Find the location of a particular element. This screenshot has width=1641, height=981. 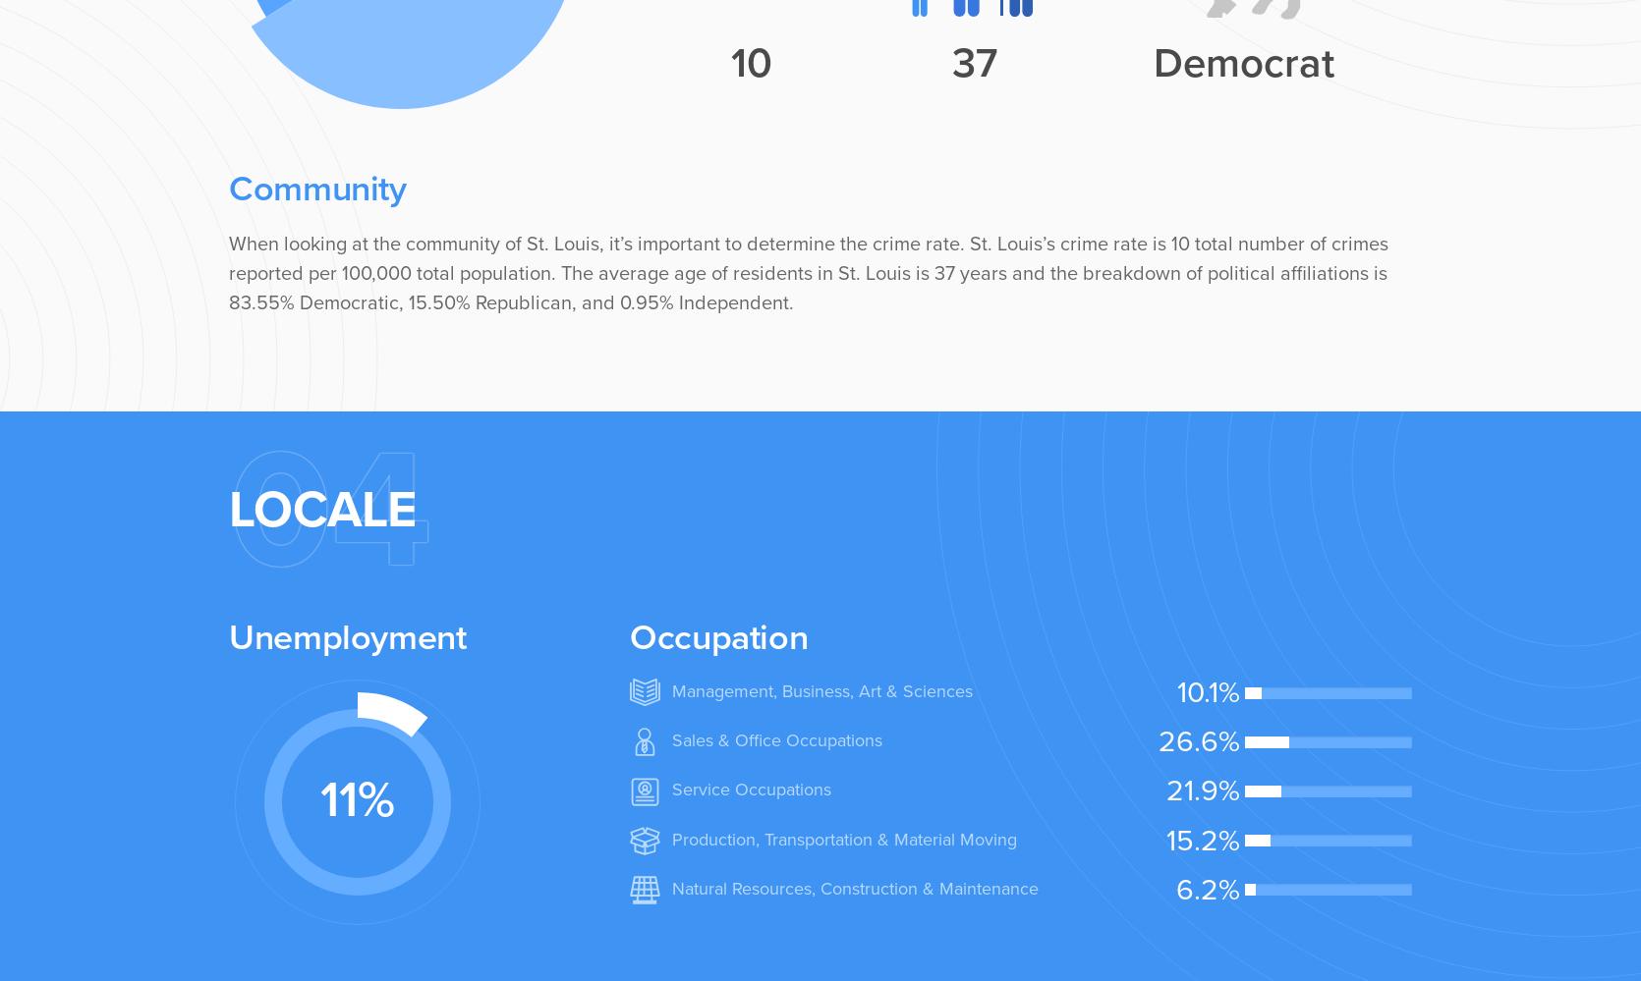

'10' is located at coordinates (751, 61).